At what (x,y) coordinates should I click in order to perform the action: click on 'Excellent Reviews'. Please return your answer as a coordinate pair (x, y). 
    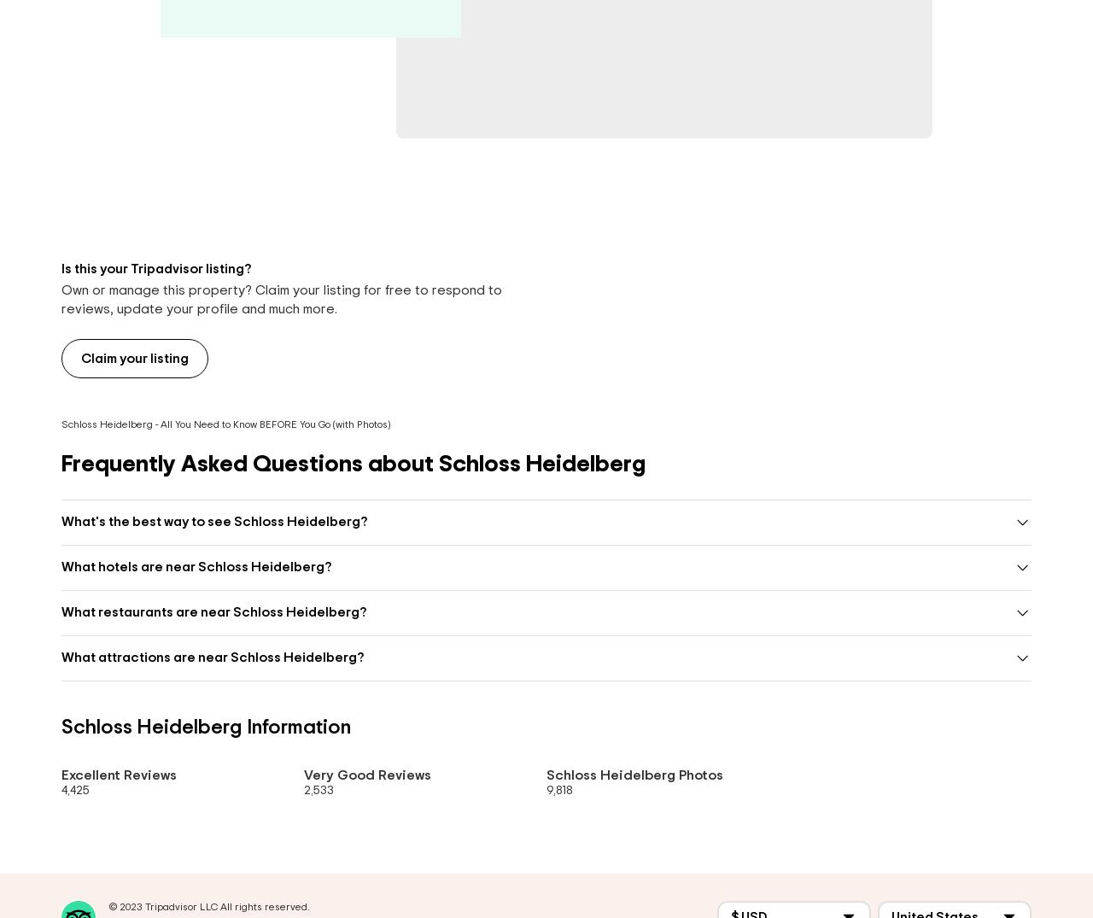
    Looking at the image, I should click on (118, 775).